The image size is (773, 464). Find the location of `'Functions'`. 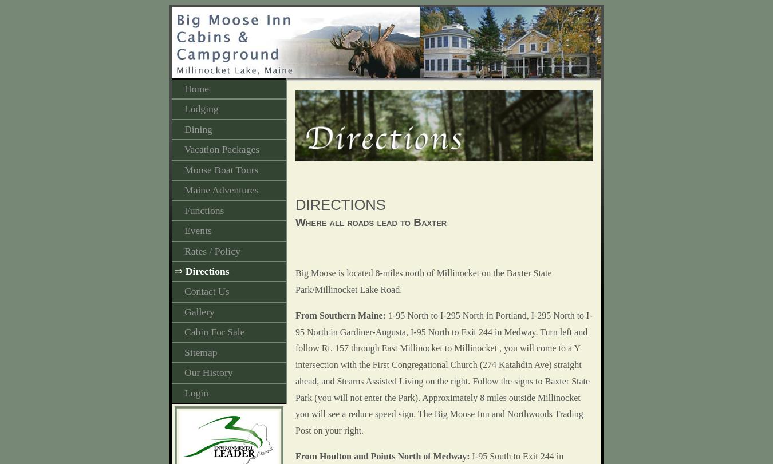

'Functions' is located at coordinates (183, 209).